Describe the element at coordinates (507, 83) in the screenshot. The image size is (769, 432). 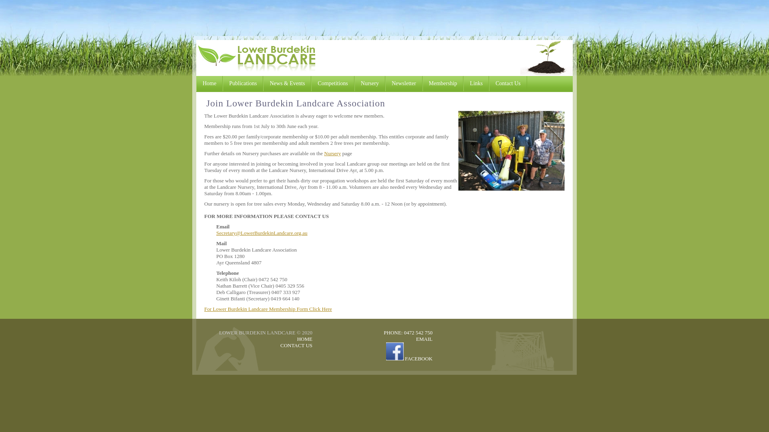
I see `'Contact Us'` at that location.